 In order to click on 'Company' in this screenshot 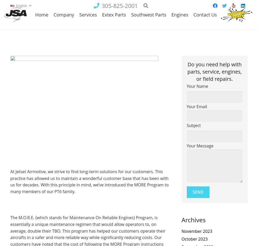, I will do `click(63, 29)`.